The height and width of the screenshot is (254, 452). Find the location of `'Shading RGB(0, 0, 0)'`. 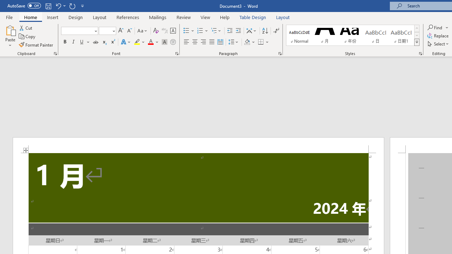

'Shading RGB(0, 0, 0)' is located at coordinates (247, 42).